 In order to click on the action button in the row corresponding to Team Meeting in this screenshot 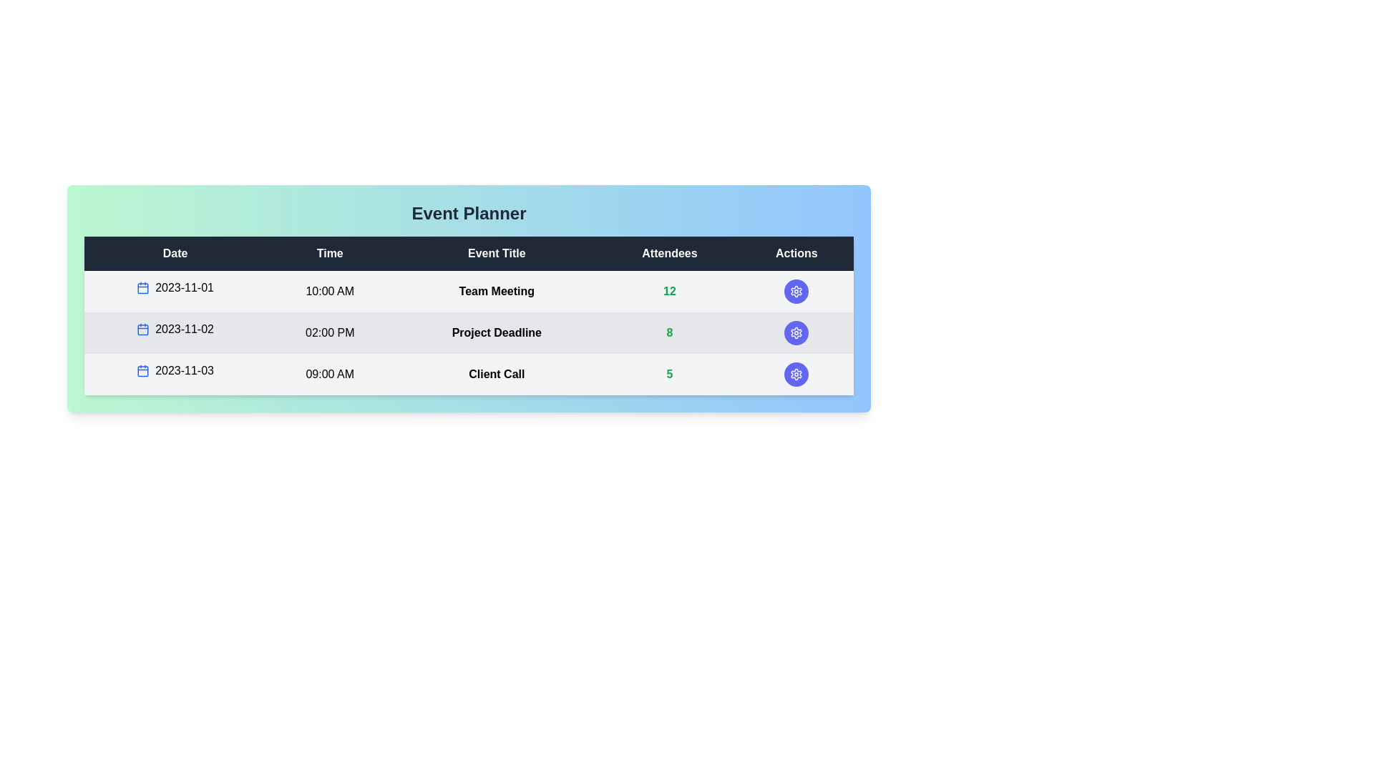, I will do `click(796, 291)`.